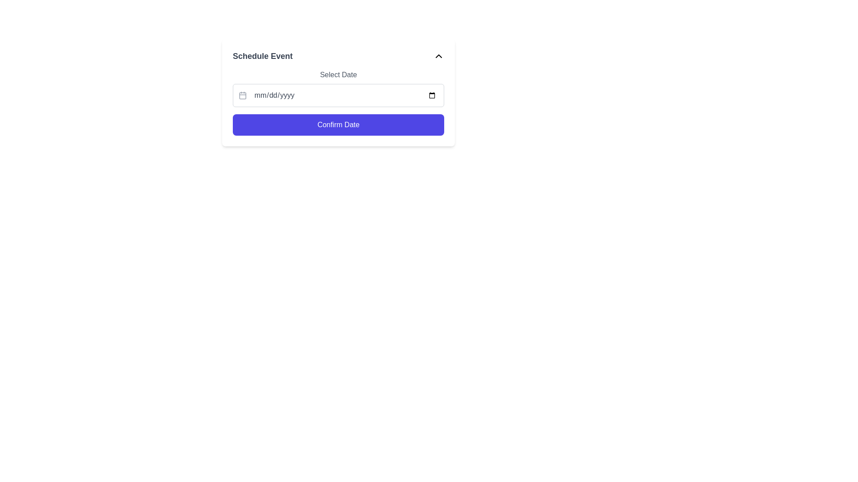 The image size is (858, 482). I want to click on a date from the calendar picker located in the second interactive component of the 'Schedule Event' form, positioned above the 'Confirm Date' button, so click(338, 88).